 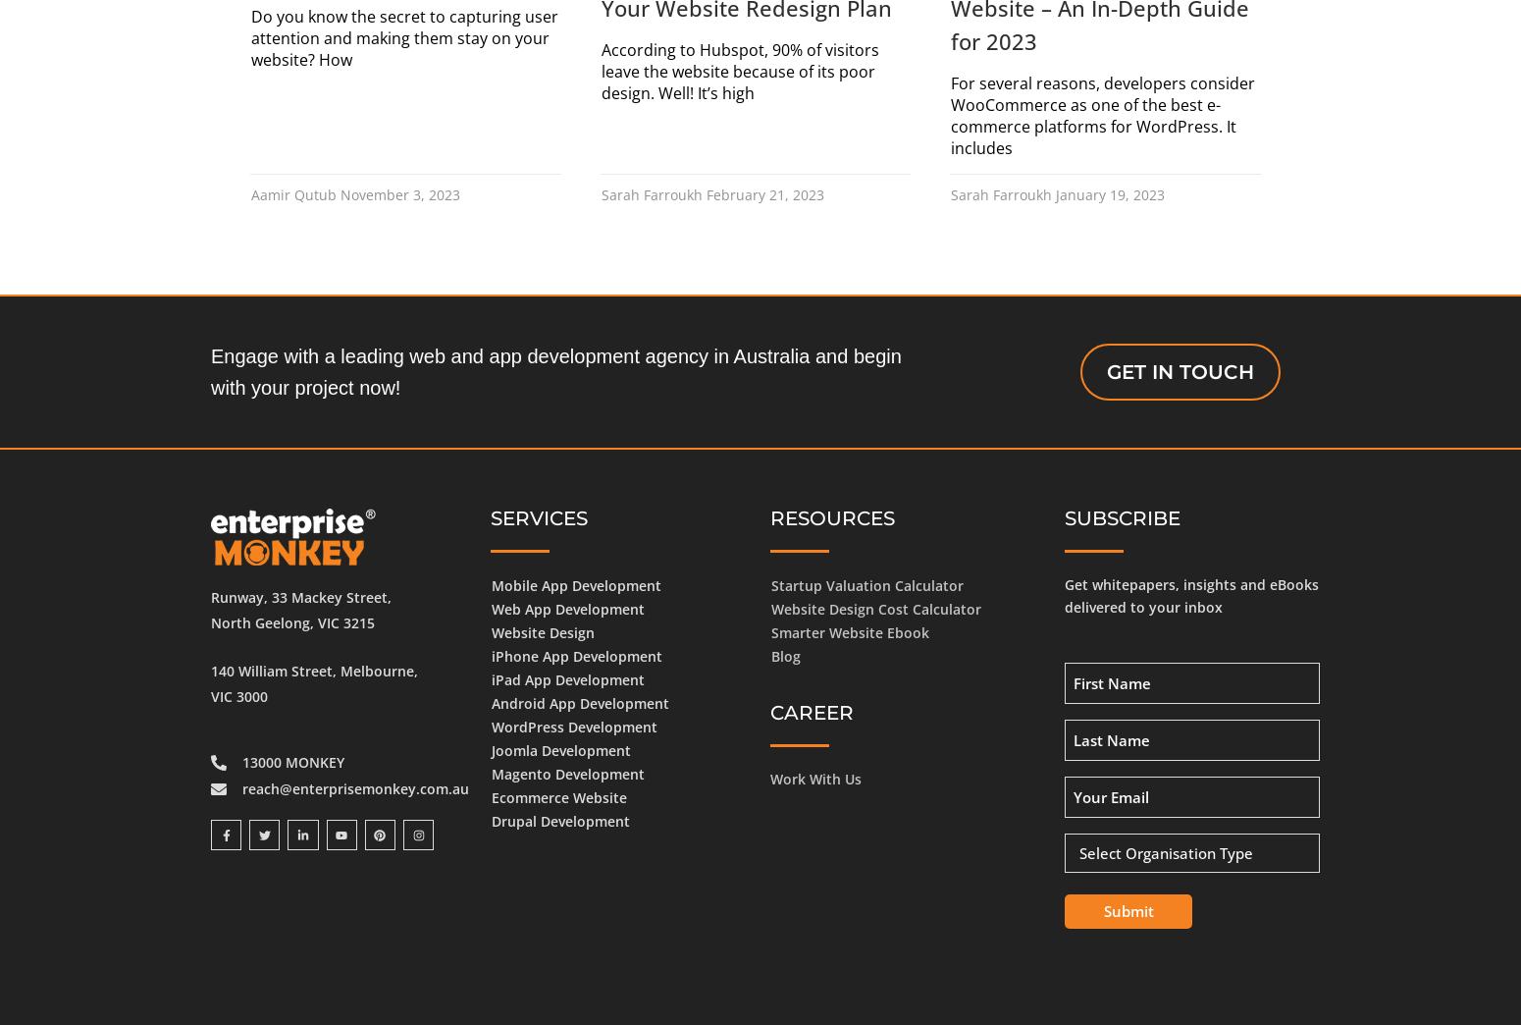 What do you see at coordinates (354, 786) in the screenshot?
I see `'reach@enterprisemonkey.com.au'` at bounding box center [354, 786].